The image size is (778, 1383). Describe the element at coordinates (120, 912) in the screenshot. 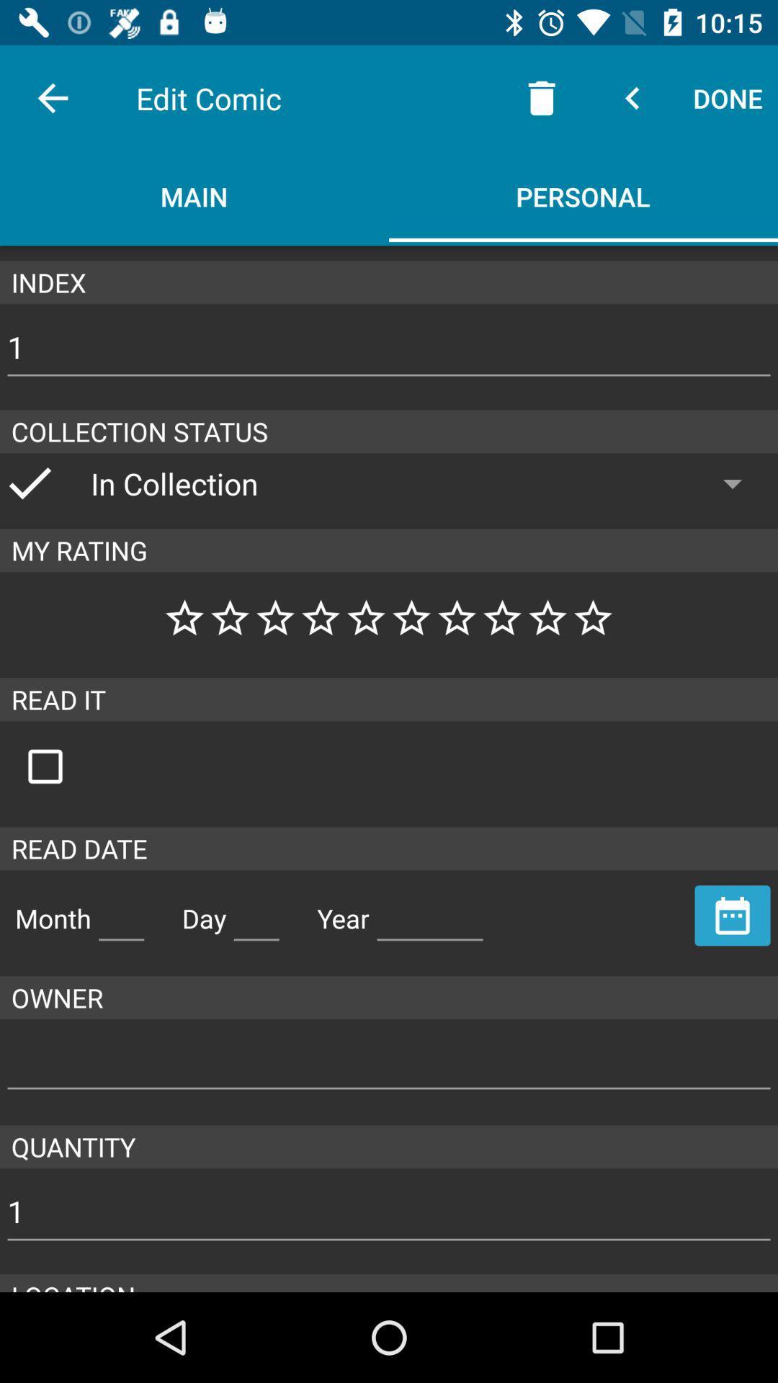

I see `month` at that location.